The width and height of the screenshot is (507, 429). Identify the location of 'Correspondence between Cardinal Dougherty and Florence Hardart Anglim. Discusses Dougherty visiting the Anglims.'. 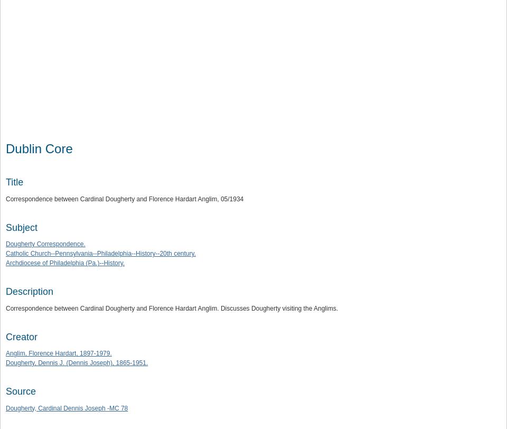
(5, 308).